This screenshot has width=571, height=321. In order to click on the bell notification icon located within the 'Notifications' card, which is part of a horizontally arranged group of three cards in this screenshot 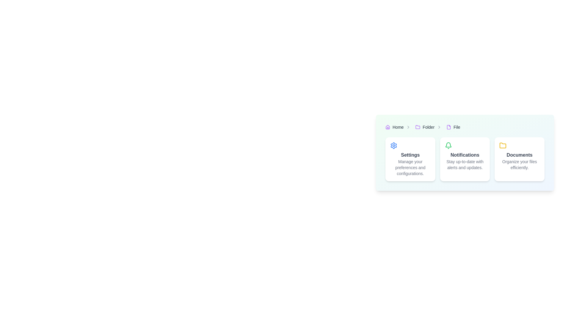, I will do `click(448, 145)`.